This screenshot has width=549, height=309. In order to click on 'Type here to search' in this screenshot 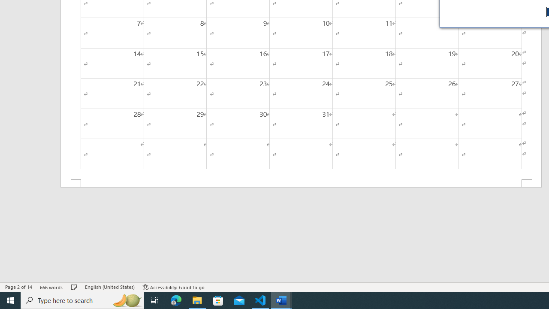, I will do `click(82, 300)`.